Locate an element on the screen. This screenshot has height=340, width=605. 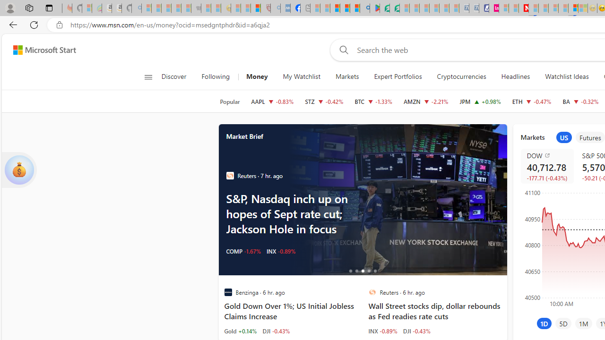
'1M' is located at coordinates (583, 323).